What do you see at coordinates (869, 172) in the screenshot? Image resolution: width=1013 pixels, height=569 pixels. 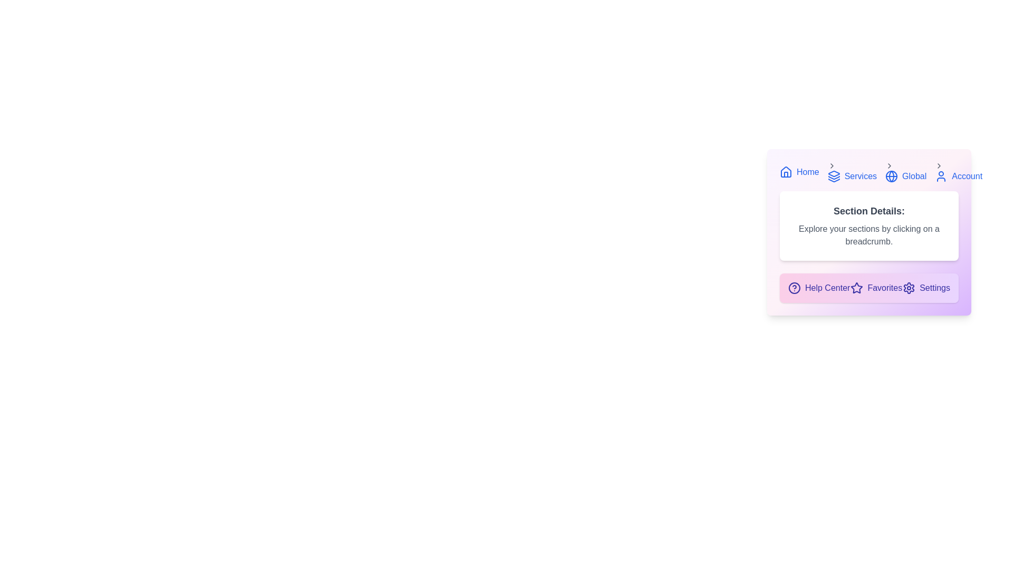 I see `the 'Services' breadcrumb link, which is styled in blue and positioned between 'Home' and 'Global' links in the breadcrumb bar` at bounding box center [869, 172].